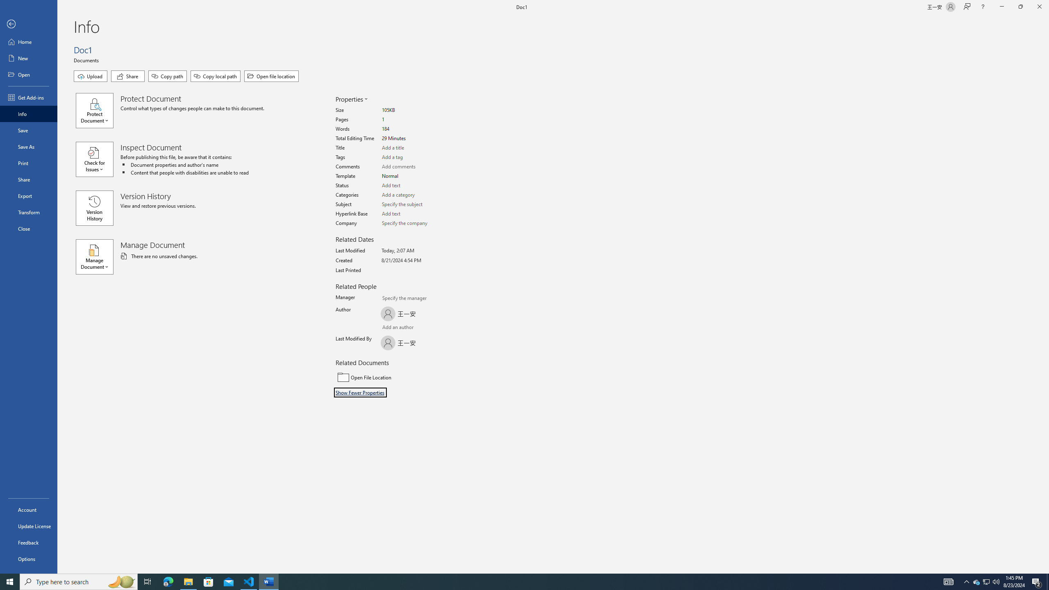 Image resolution: width=1049 pixels, height=590 pixels. Describe the element at coordinates (412, 110) in the screenshot. I see `'Size'` at that location.